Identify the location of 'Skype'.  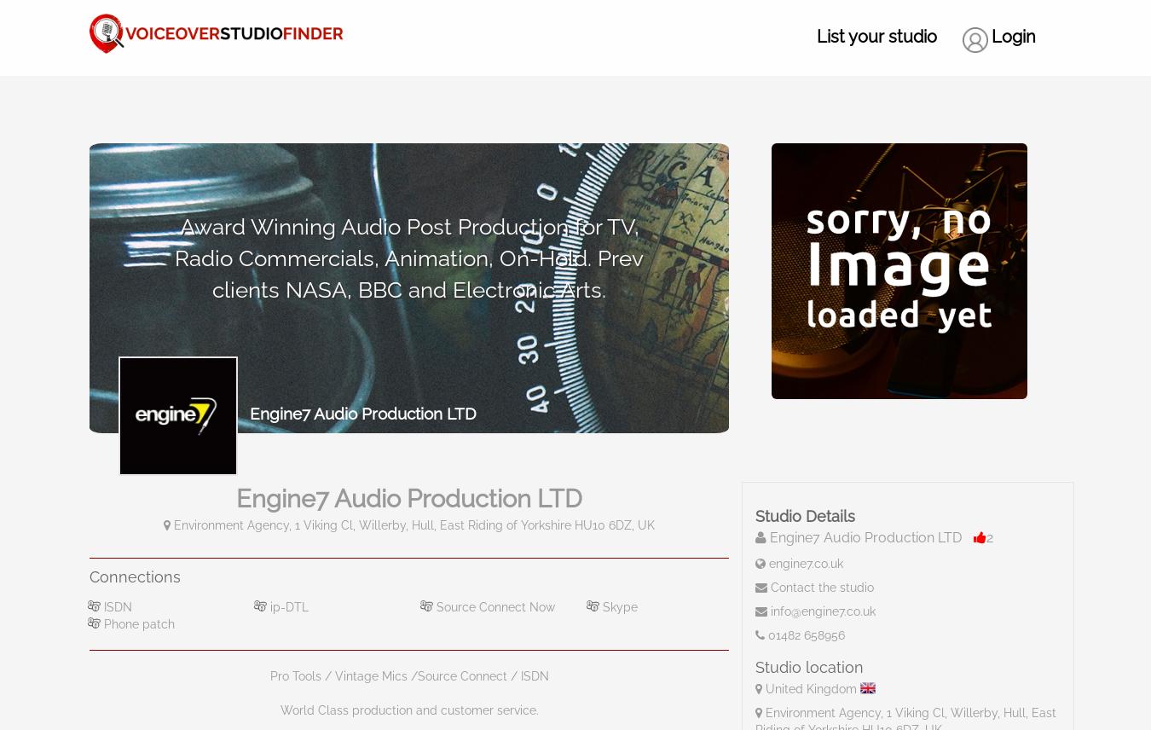
(617, 605).